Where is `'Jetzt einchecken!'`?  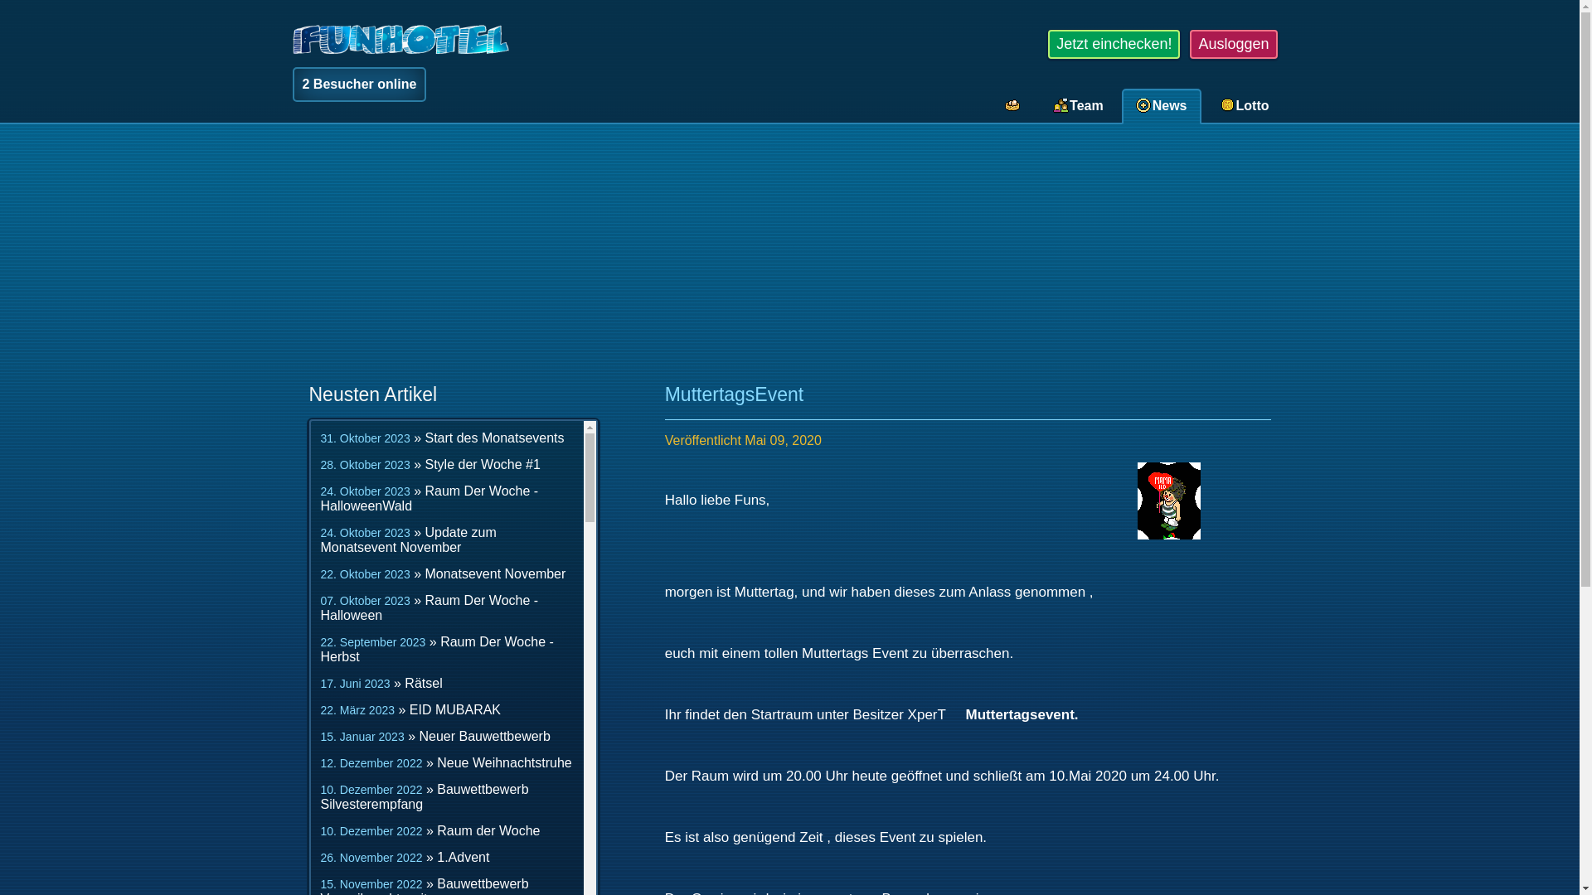
'Jetzt einchecken!' is located at coordinates (1114, 43).